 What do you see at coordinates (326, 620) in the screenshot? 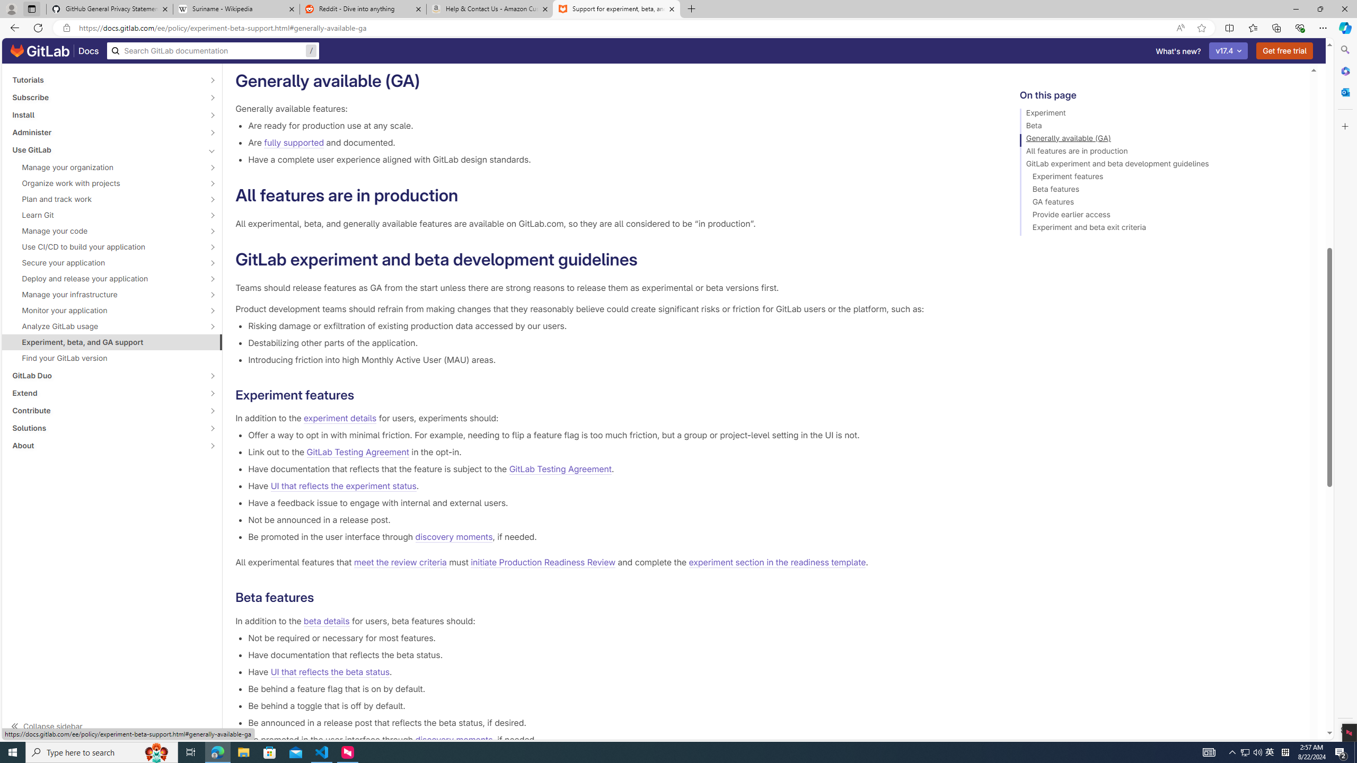
I see `'beta details'` at bounding box center [326, 620].